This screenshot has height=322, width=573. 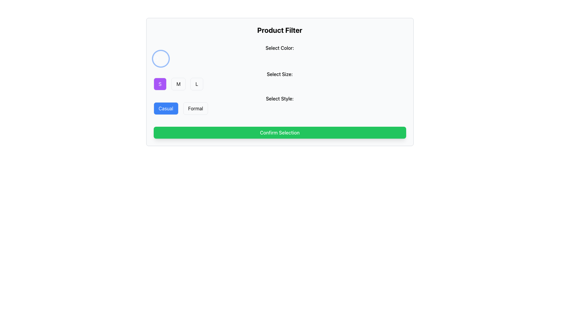 I want to click on the 'Casual' style option button located below the 'Select Style:' label, so click(x=166, y=108).